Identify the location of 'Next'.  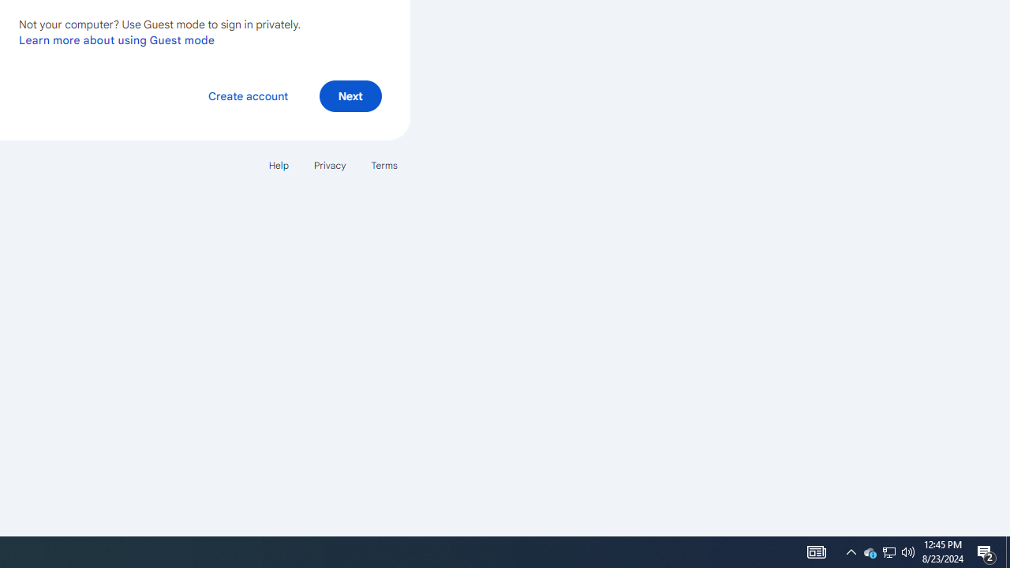
(350, 96).